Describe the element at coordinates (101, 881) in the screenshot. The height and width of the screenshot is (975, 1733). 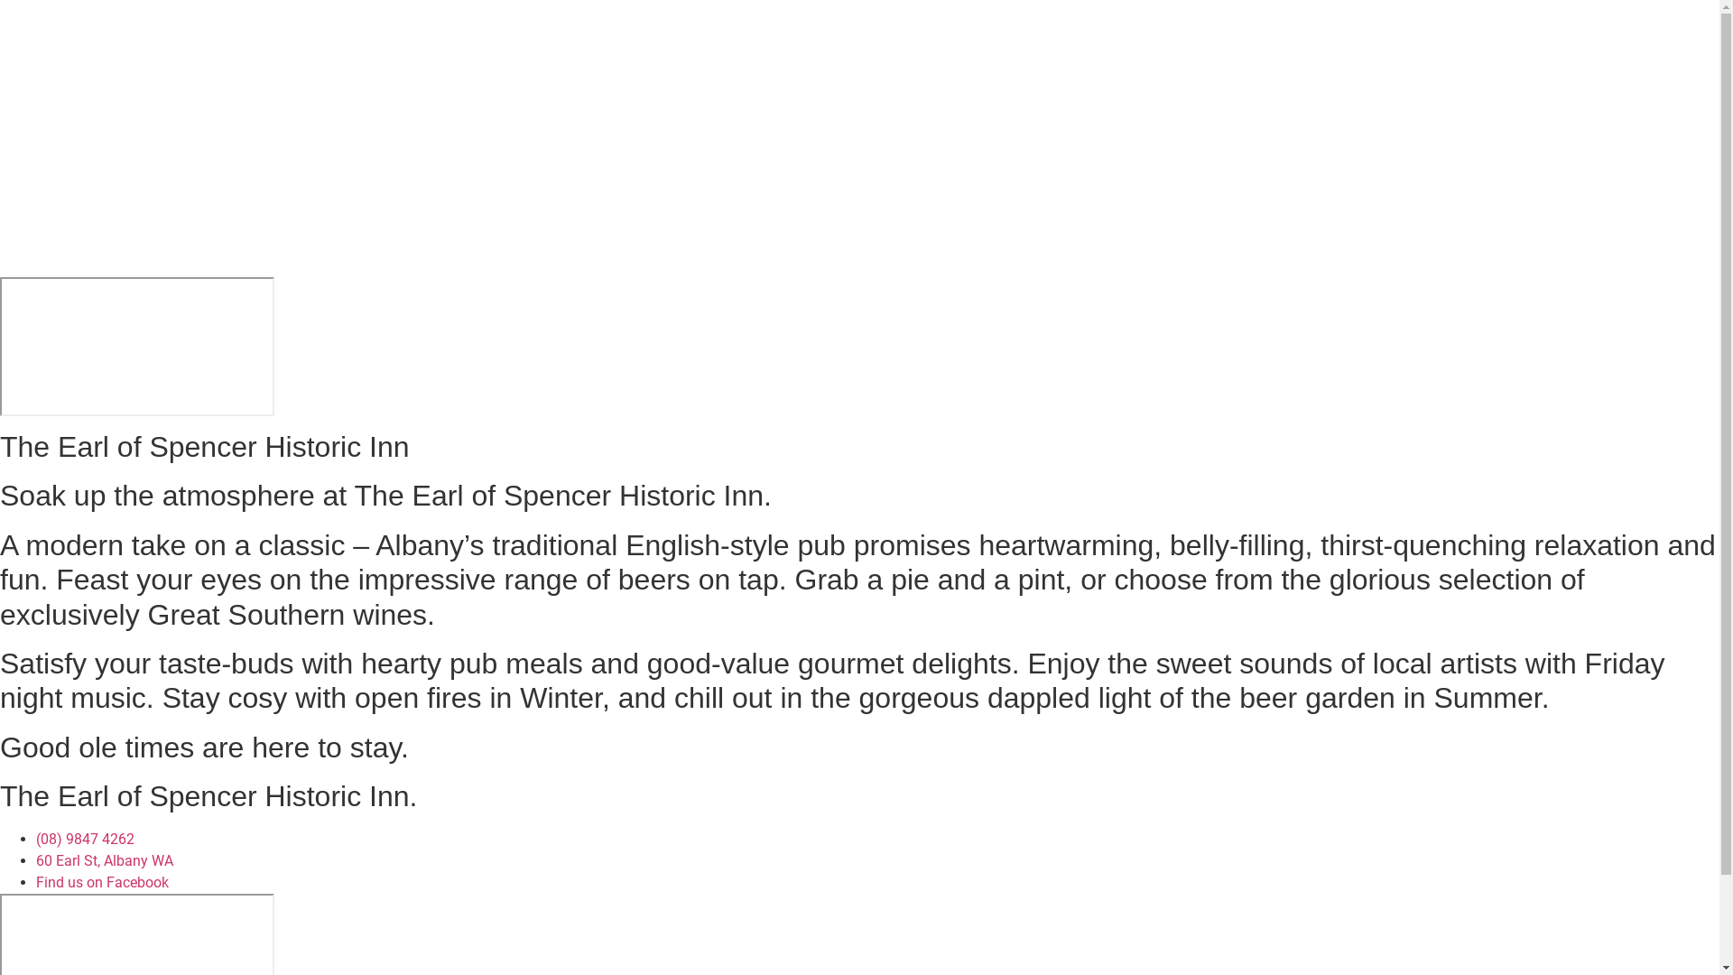
I see `'Find us on Facebook'` at that location.